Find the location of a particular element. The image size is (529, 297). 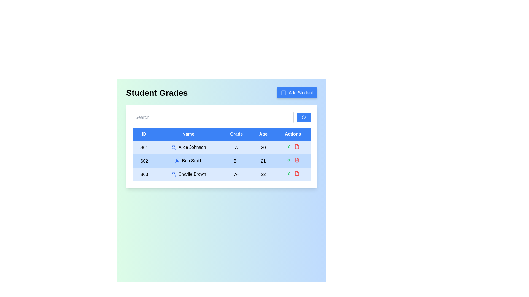

value displayed in the read-only text cell indicating the age of the individual in the third row of the table under the 'Age' column is located at coordinates (263, 174).